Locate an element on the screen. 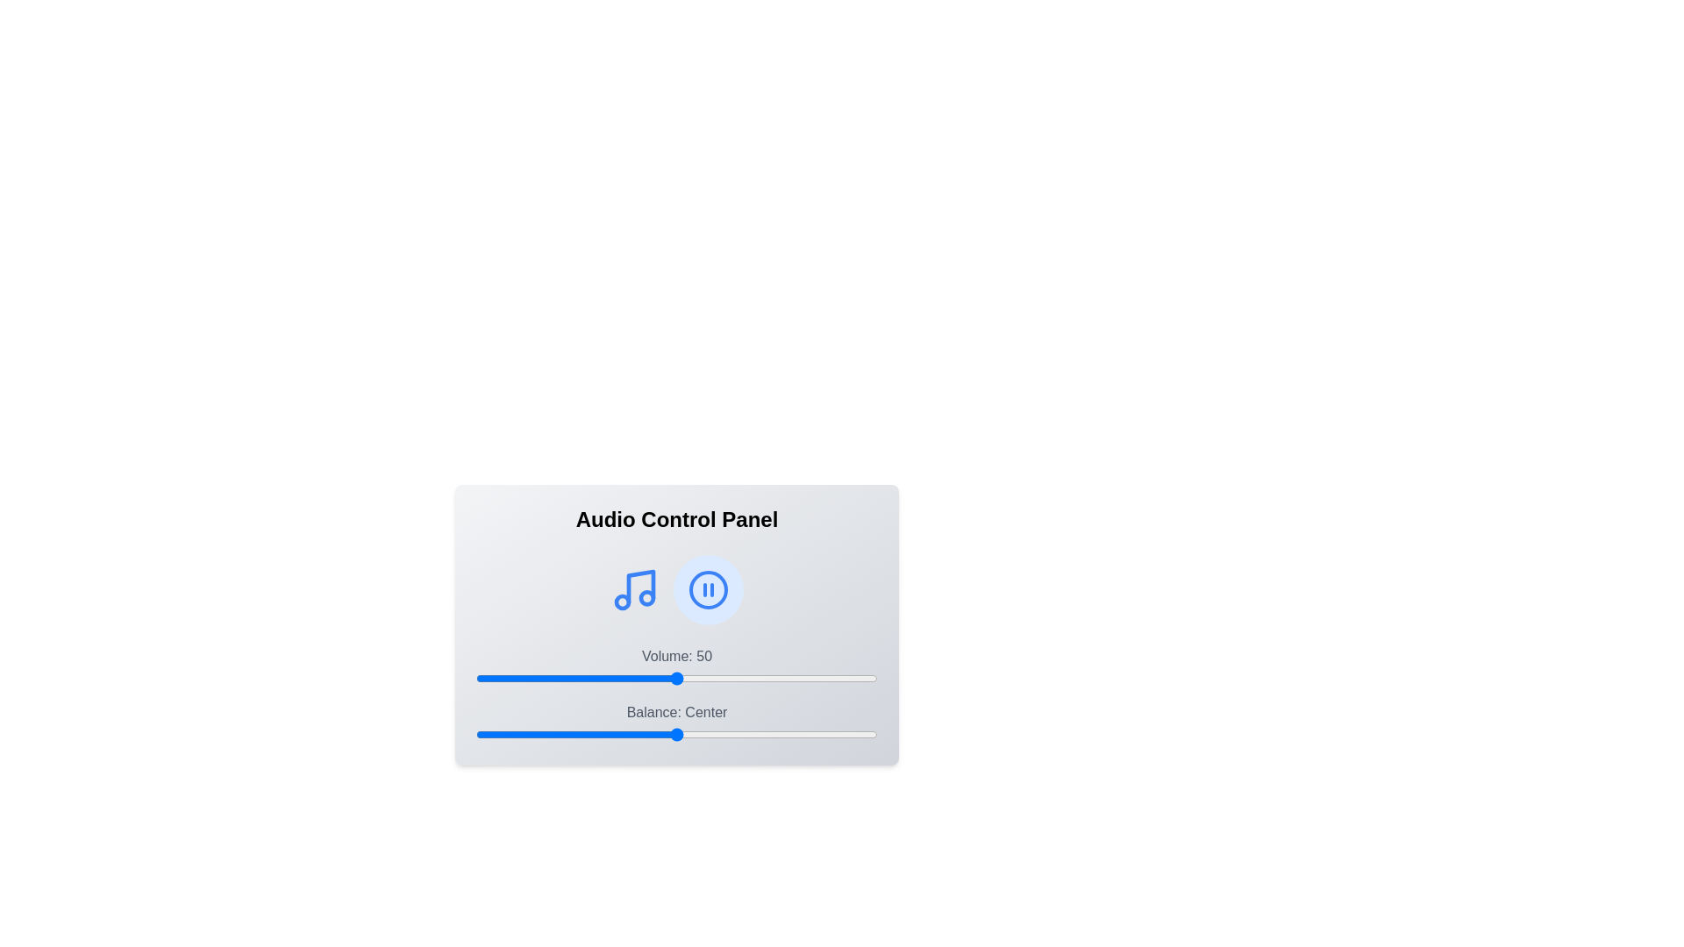  the decorative circle element within the SVG music note icon, located in the left segment of the interface is located at coordinates (623, 601).